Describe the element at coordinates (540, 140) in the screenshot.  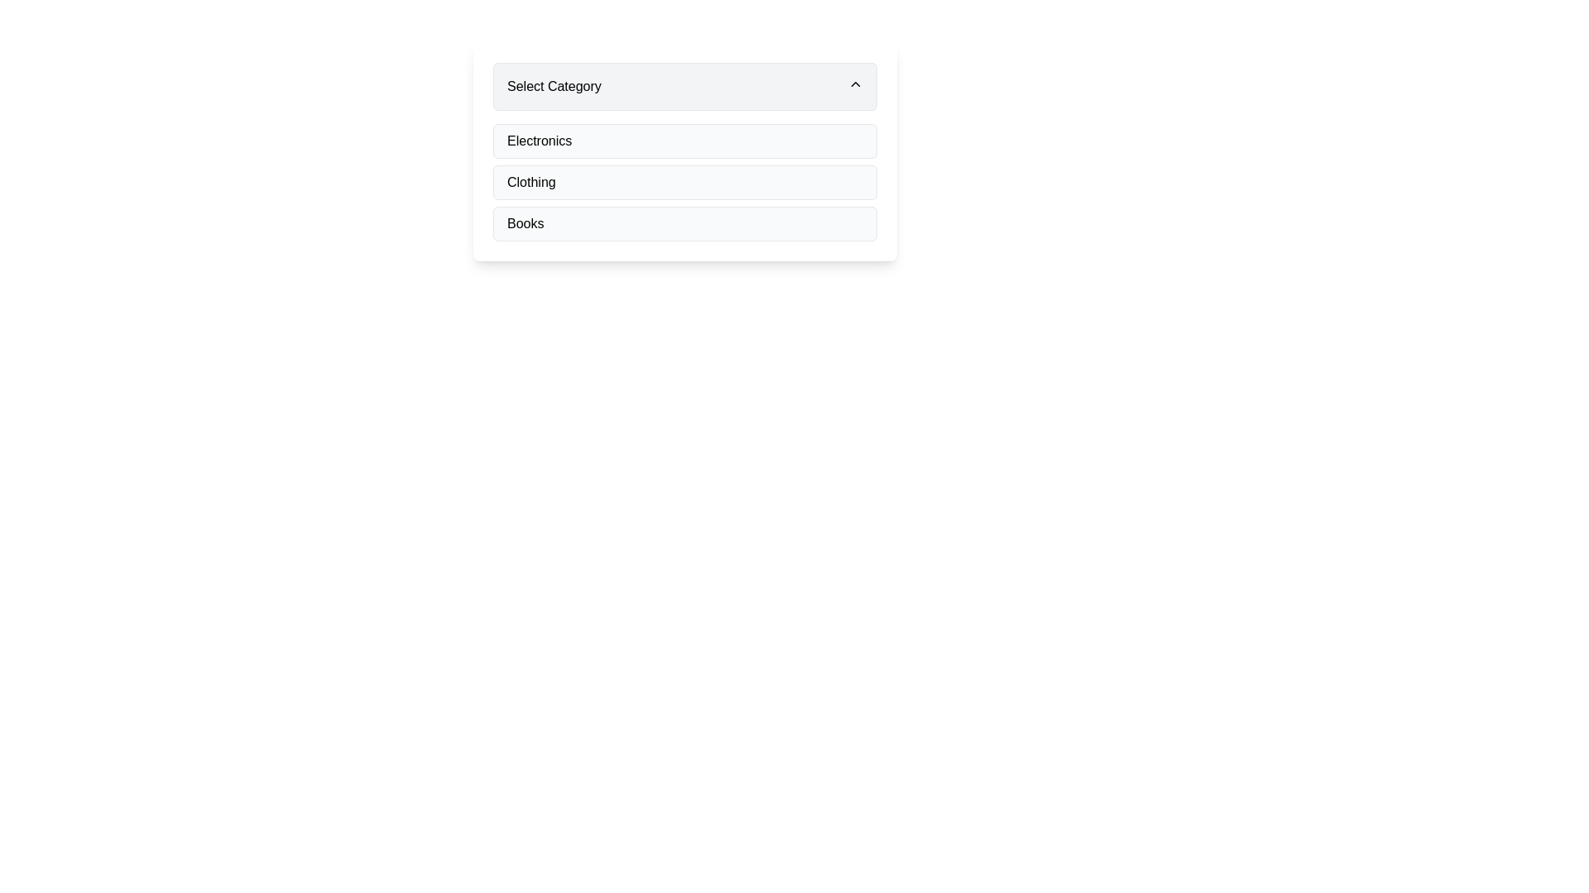
I see `the 'Electronics' text label within the clickable list item, which is the first item under the 'Select Category' section` at that location.